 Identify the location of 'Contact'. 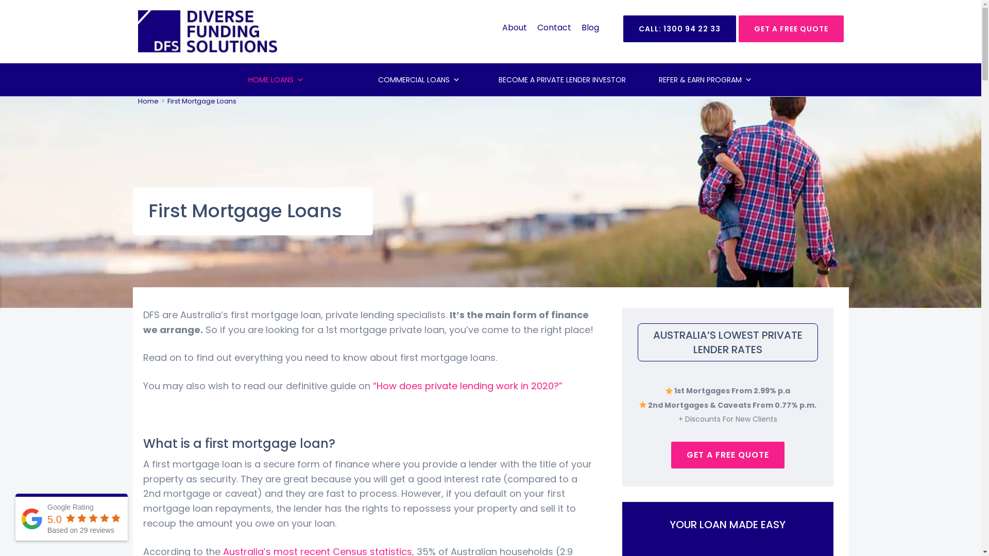
(553, 27).